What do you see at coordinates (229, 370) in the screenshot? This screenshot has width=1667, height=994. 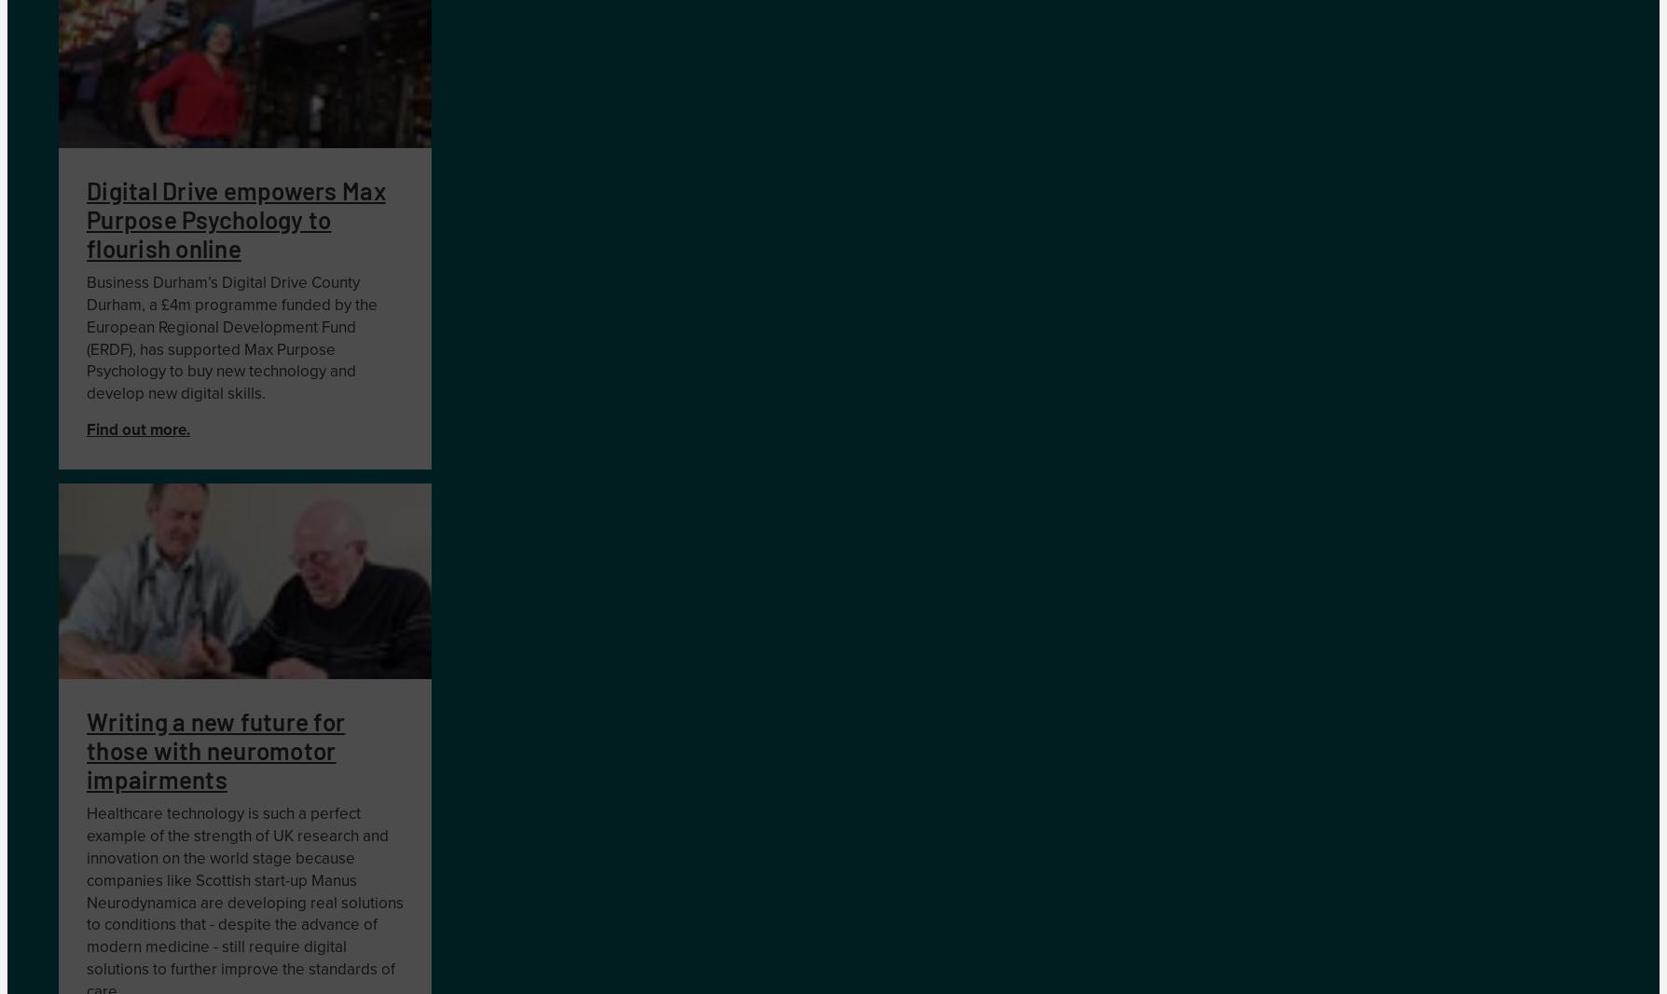 I see `'new'` at bounding box center [229, 370].